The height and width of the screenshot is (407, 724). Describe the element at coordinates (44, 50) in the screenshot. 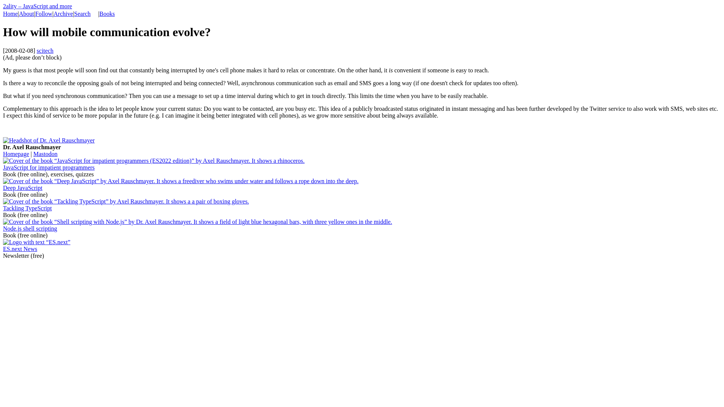

I see `'scitech'` at that location.